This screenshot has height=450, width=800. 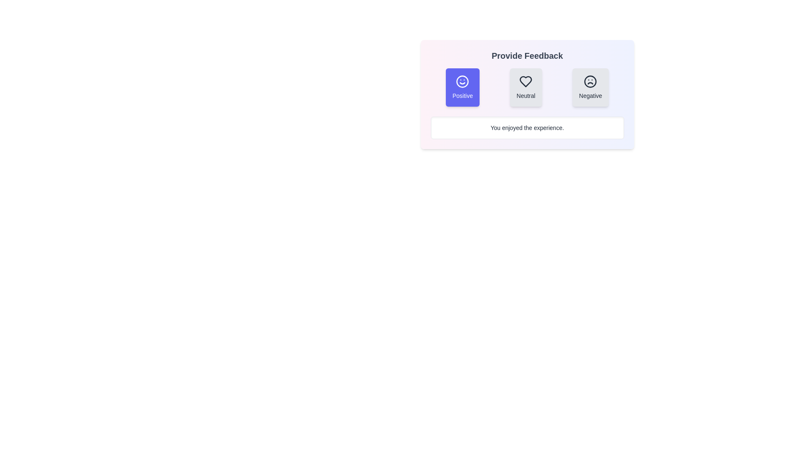 I want to click on the feedback option Neutral by clicking the corresponding button, so click(x=525, y=87).